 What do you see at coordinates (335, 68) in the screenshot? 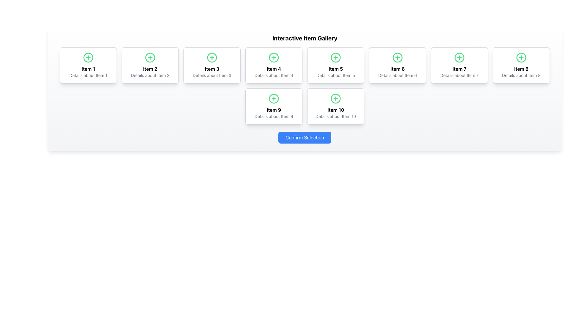
I see `the bold text label reading 'Item 5', which is located in the middle card of the top row in a 5x2 grid, directly below the 'Interactive Item Gallery' heading` at bounding box center [335, 68].